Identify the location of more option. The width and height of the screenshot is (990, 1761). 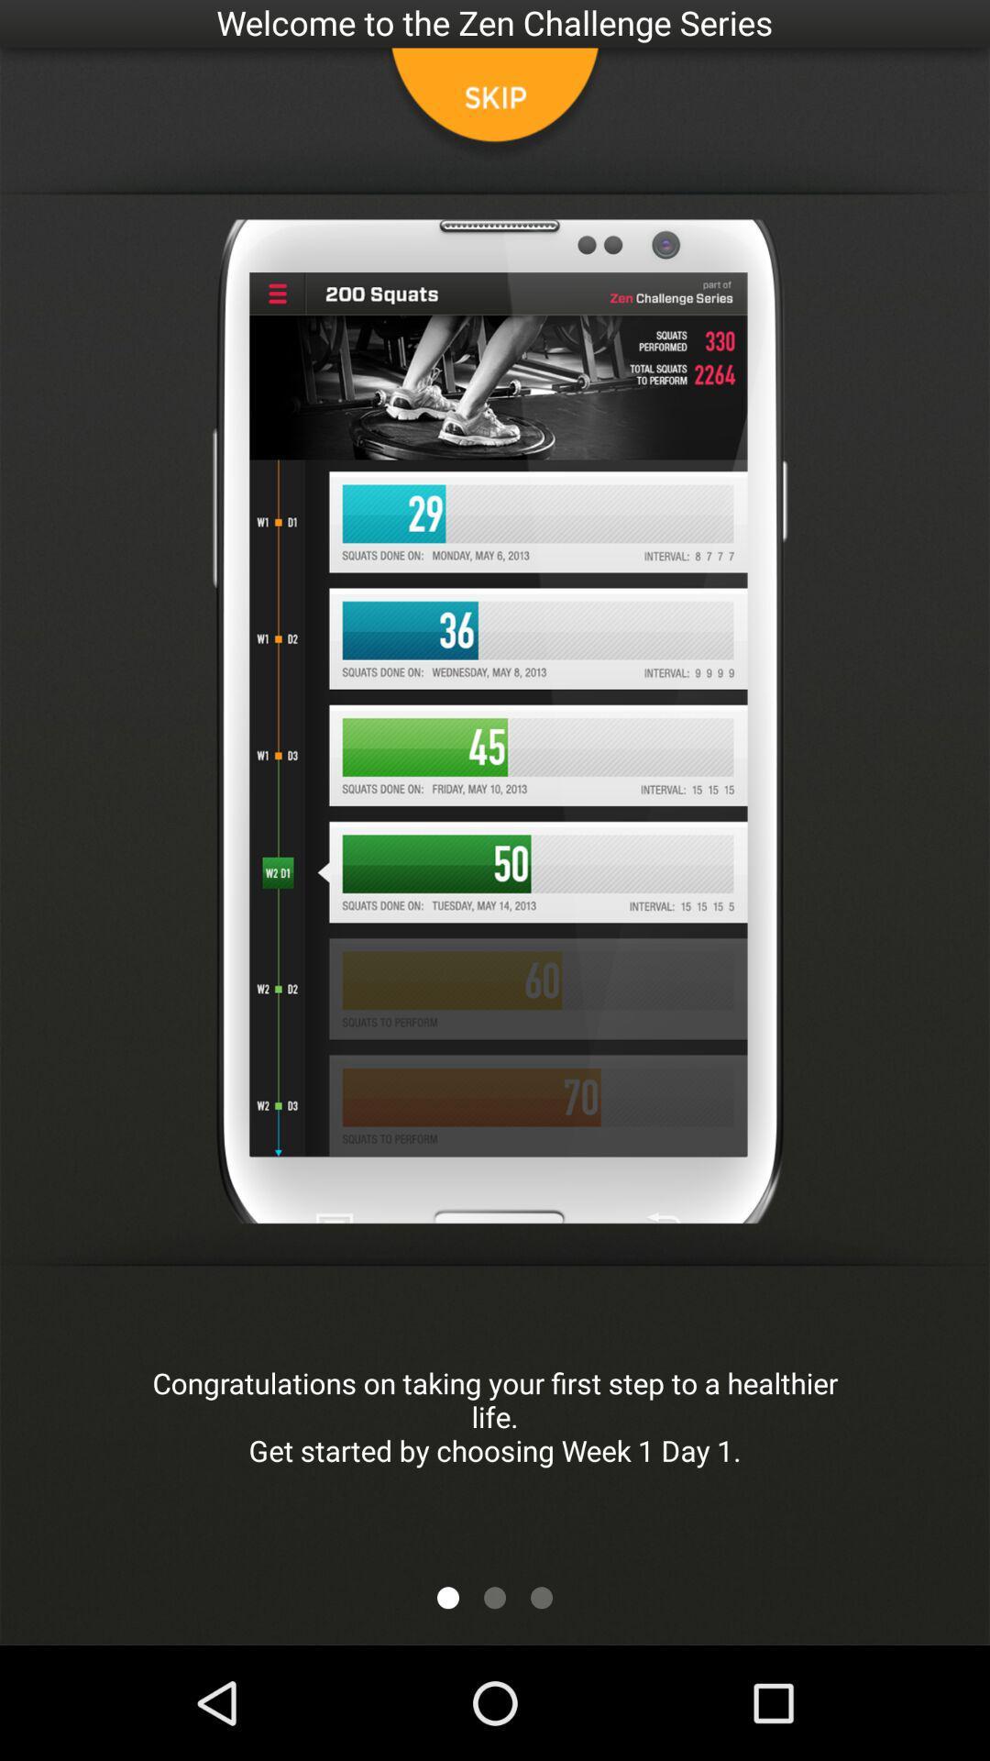
(495, 1597).